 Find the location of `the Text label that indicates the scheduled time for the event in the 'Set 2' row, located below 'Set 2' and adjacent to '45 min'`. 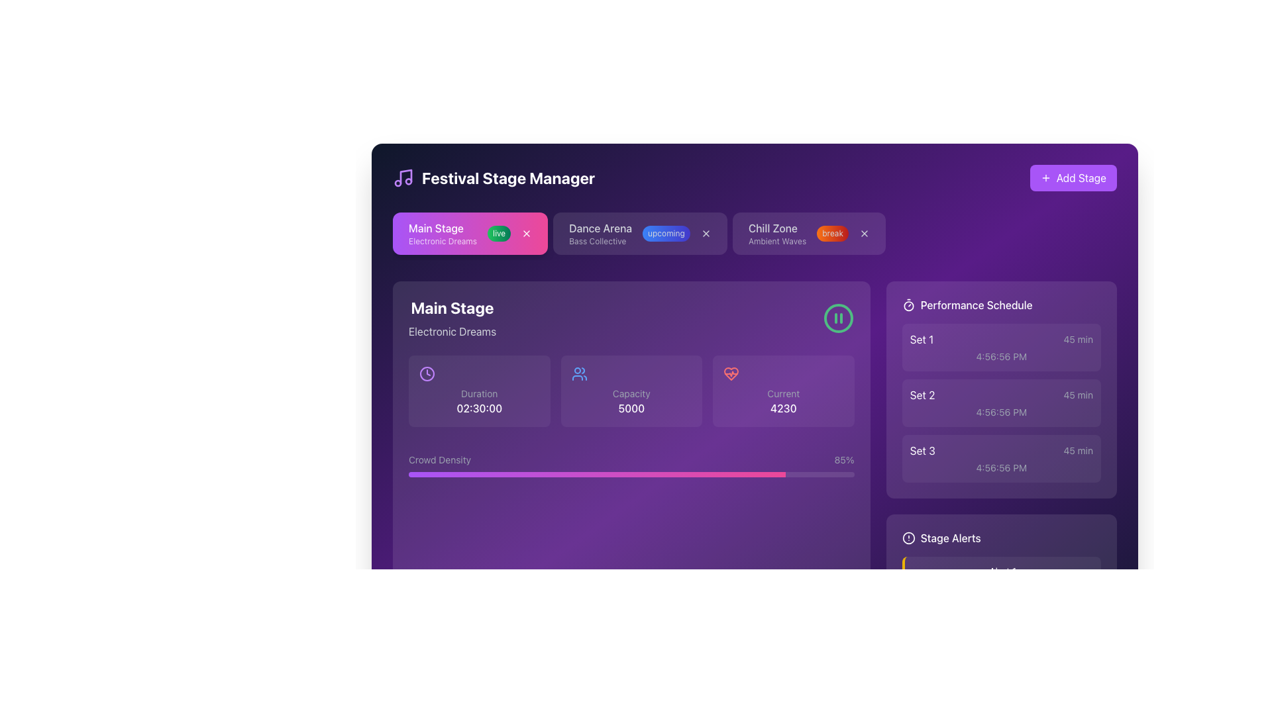

the Text label that indicates the scheduled time for the event in the 'Set 2' row, located below 'Set 2' and adjacent to '45 min' is located at coordinates (1001, 412).